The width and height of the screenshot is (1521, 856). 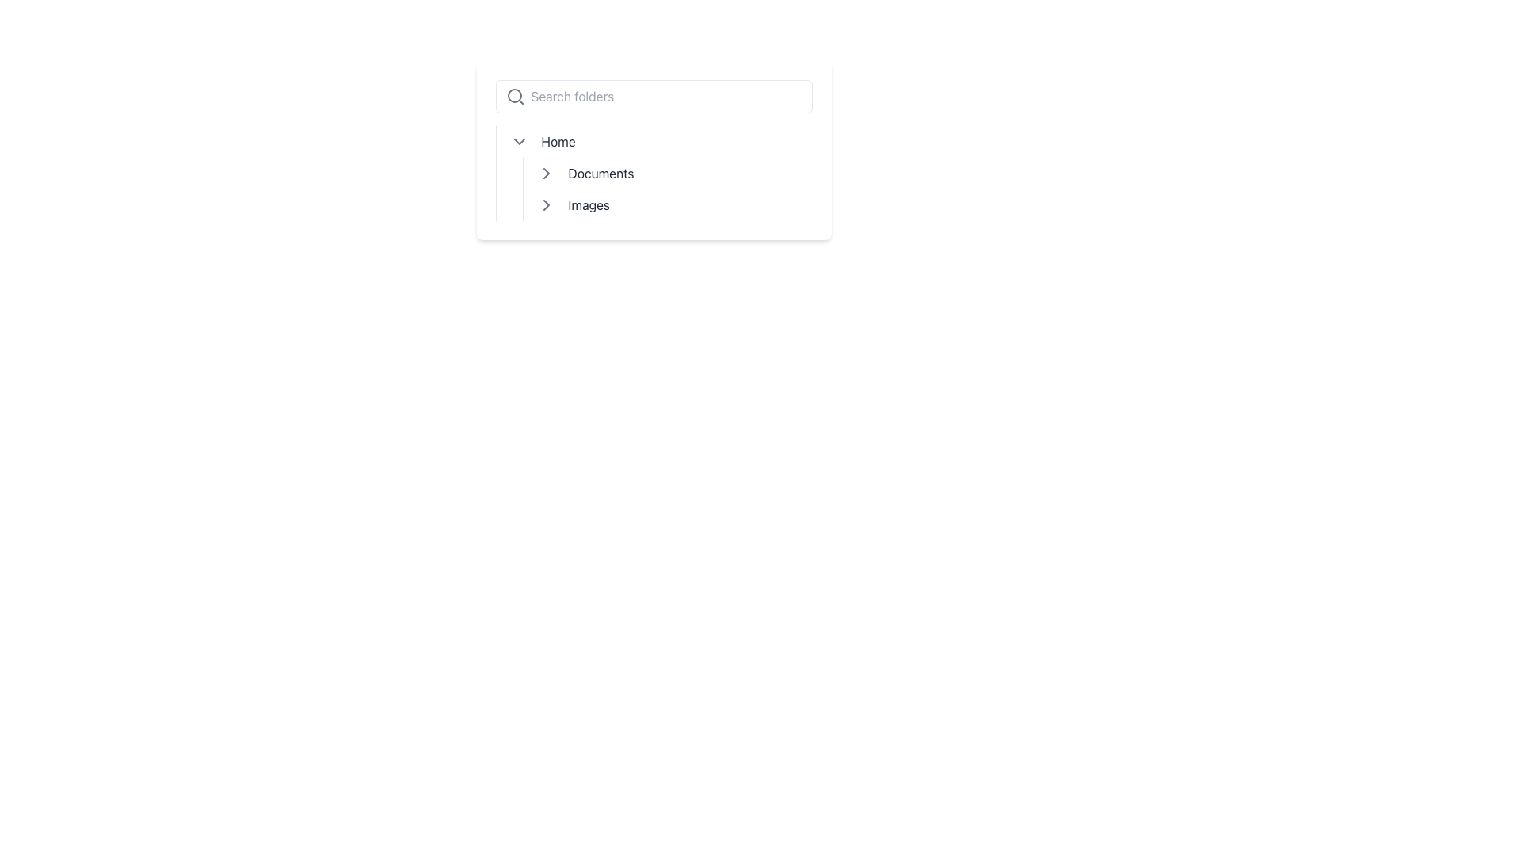 I want to click on the chevron button located to the left of the 'Images' section, so click(x=546, y=204).